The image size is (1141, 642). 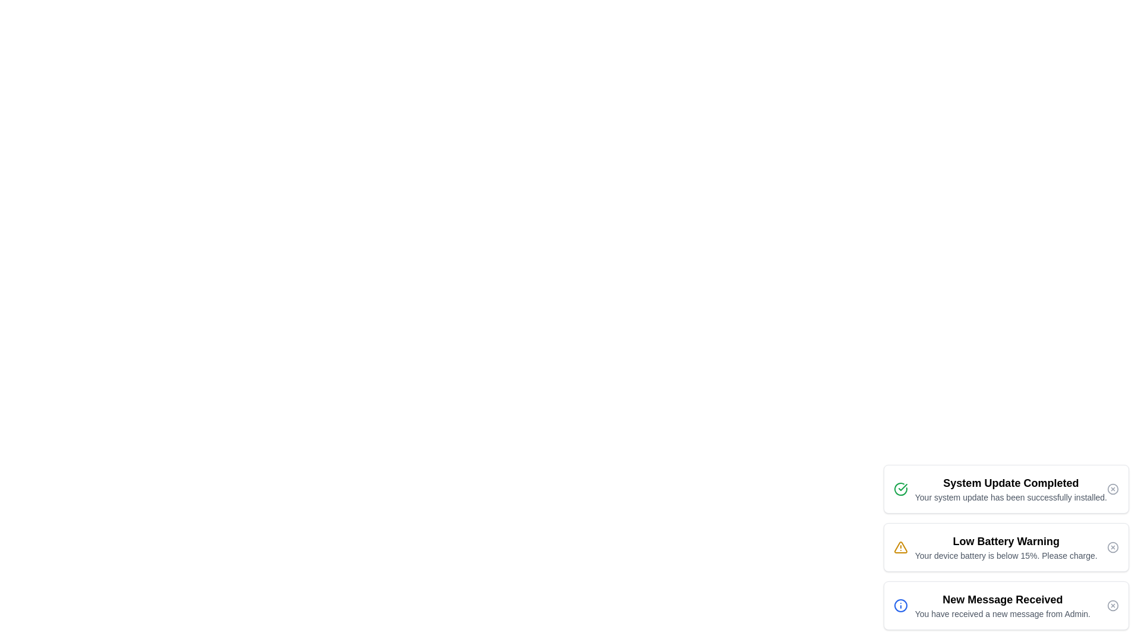 I want to click on the graphical circle located at the bottom-right corner of the 'New Message Received' notification card, which has a white fill and a black border, so click(x=1112, y=605).